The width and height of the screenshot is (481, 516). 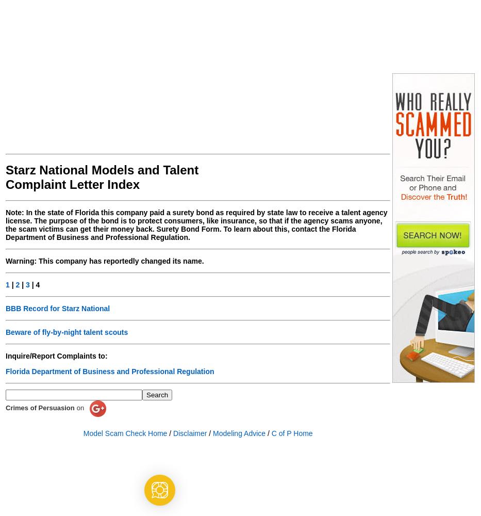 What do you see at coordinates (271, 433) in the screenshot?
I see `'C of P Home'` at bounding box center [271, 433].